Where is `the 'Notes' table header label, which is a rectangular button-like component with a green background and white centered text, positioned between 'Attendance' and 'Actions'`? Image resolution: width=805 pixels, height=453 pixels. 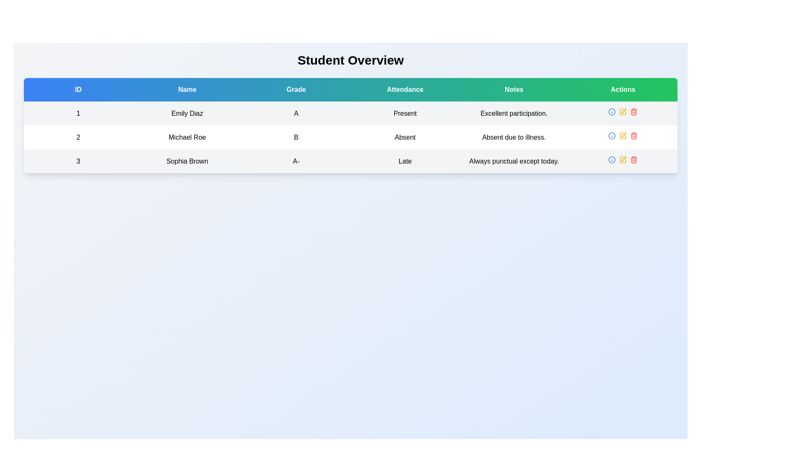 the 'Notes' table header label, which is a rectangular button-like component with a green background and white centered text, positioned between 'Attendance' and 'Actions' is located at coordinates (514, 89).